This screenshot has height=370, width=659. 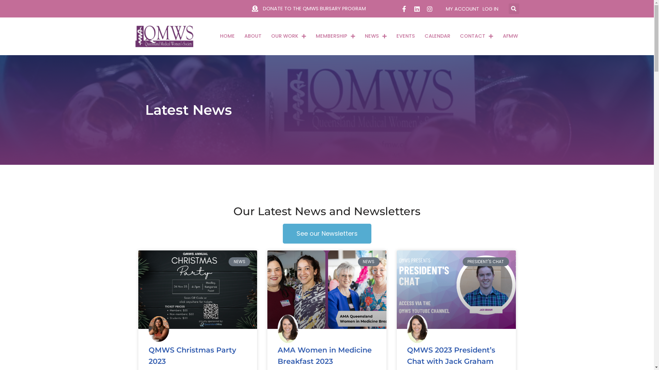 I want to click on 'CONTACT', so click(x=476, y=36).